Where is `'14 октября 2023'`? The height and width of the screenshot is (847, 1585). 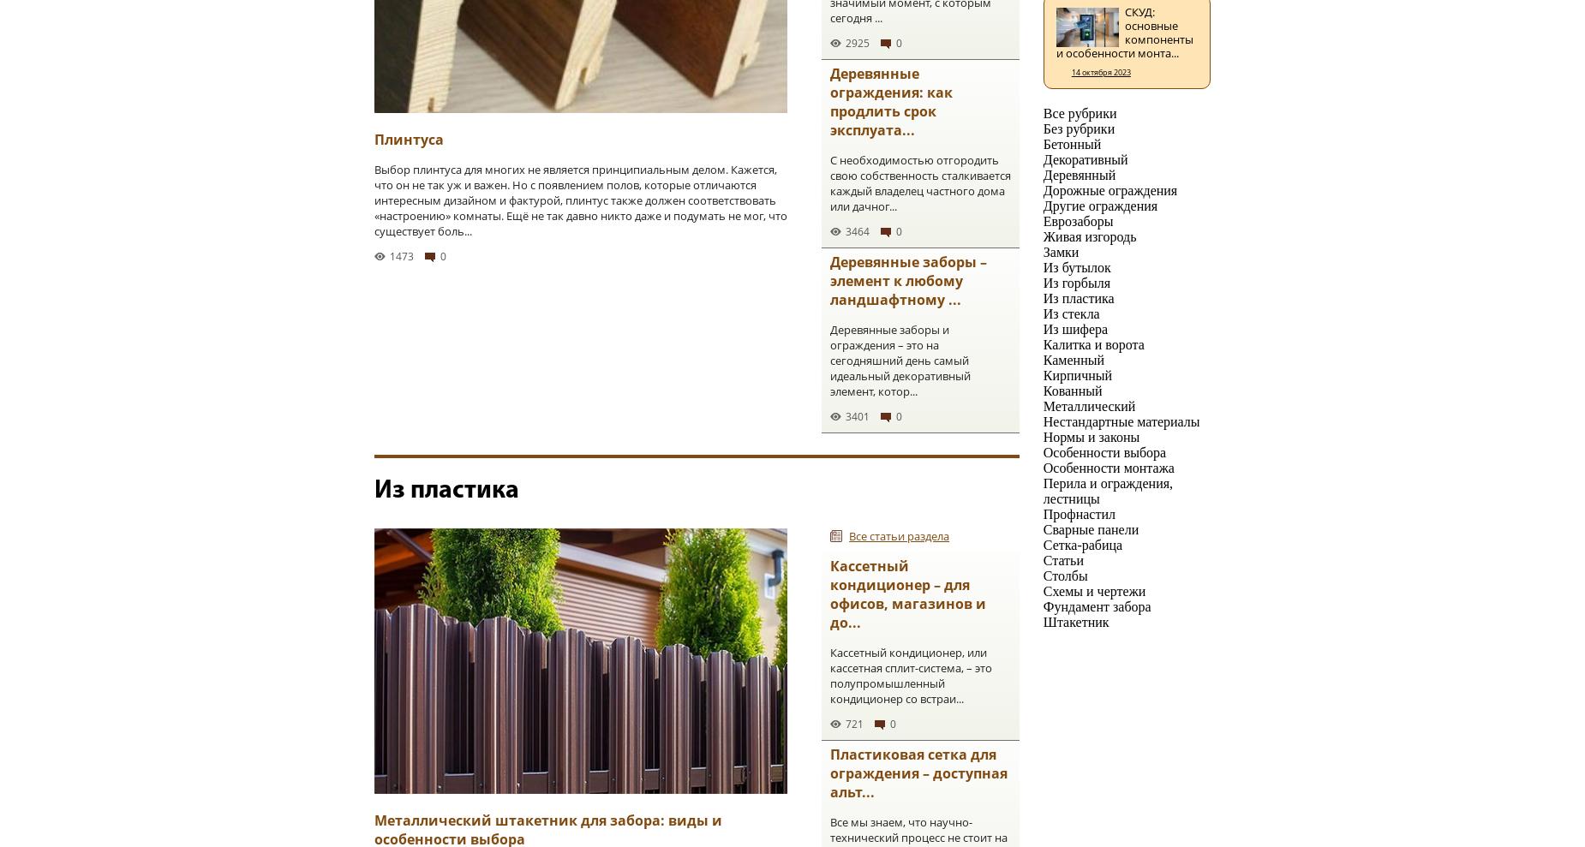 '14 октября 2023' is located at coordinates (1099, 72).